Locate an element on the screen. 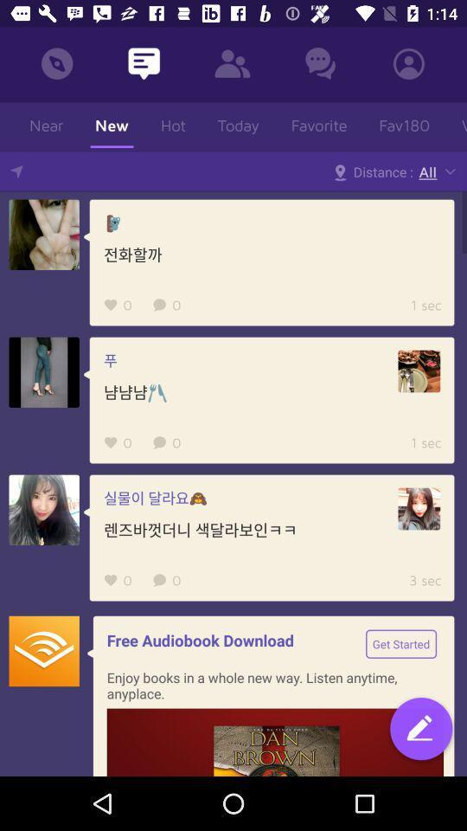 The height and width of the screenshot is (831, 467). the first comment icon in first feed is located at coordinates (159, 305).